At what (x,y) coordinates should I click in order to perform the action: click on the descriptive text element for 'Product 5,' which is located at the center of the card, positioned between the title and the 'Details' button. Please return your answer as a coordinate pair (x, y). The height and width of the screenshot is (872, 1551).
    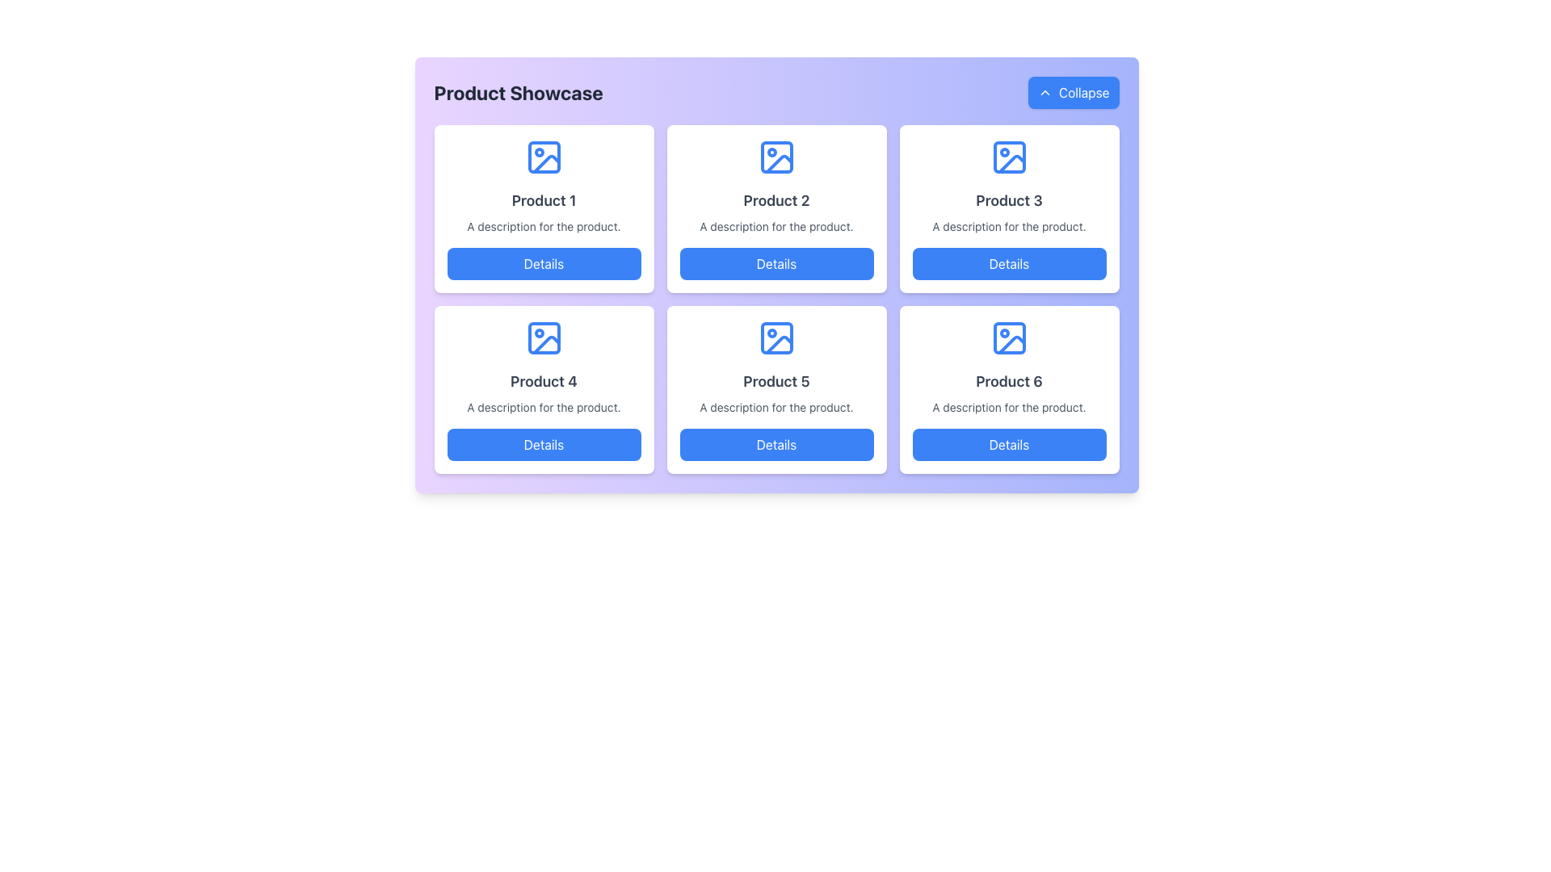
    Looking at the image, I should click on (776, 407).